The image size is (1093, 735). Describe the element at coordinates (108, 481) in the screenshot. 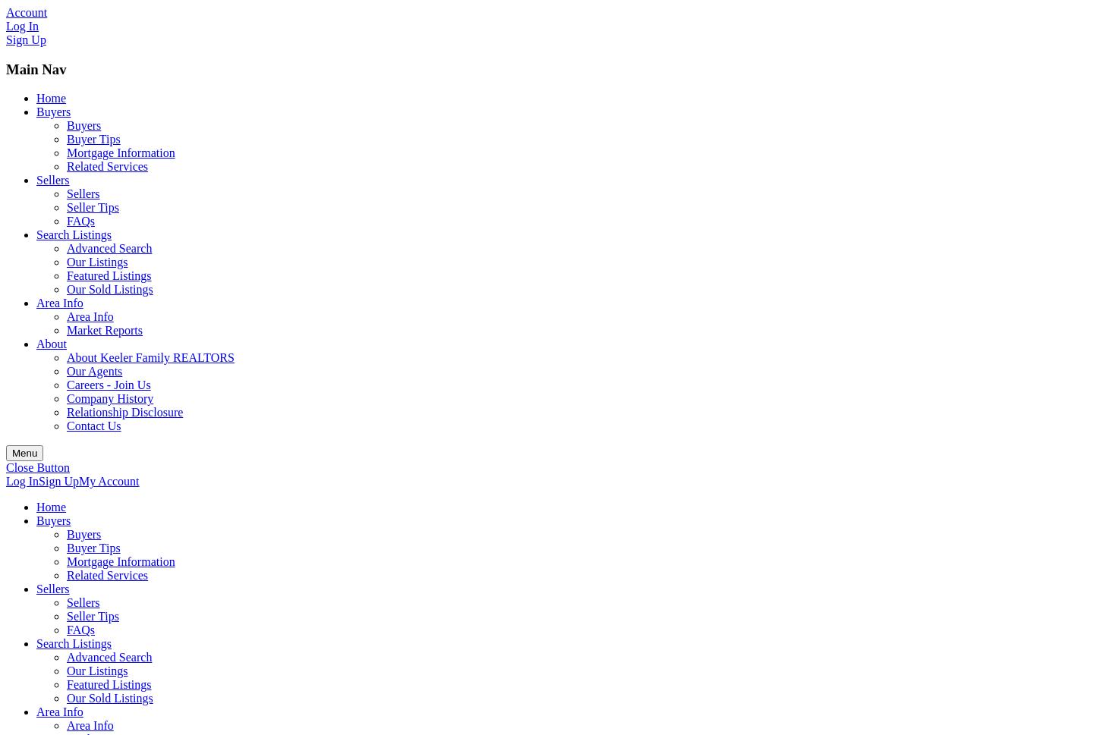

I see `'My Account'` at that location.